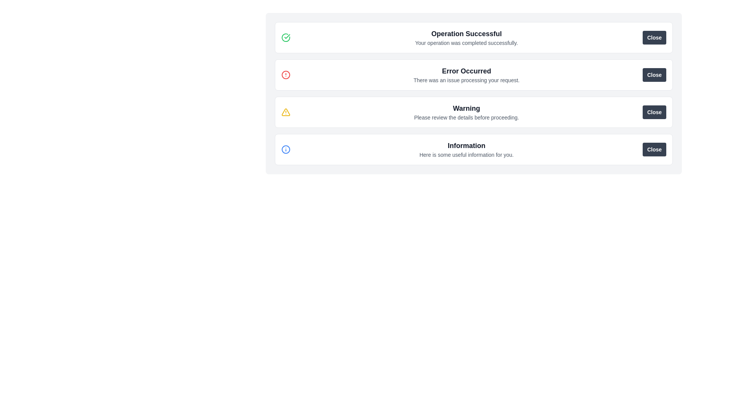  What do you see at coordinates (285, 112) in the screenshot?
I see `the Alert icon, which is the third visual indicator in the alert notification card, positioned to the left of the 'Warning' message text` at bounding box center [285, 112].